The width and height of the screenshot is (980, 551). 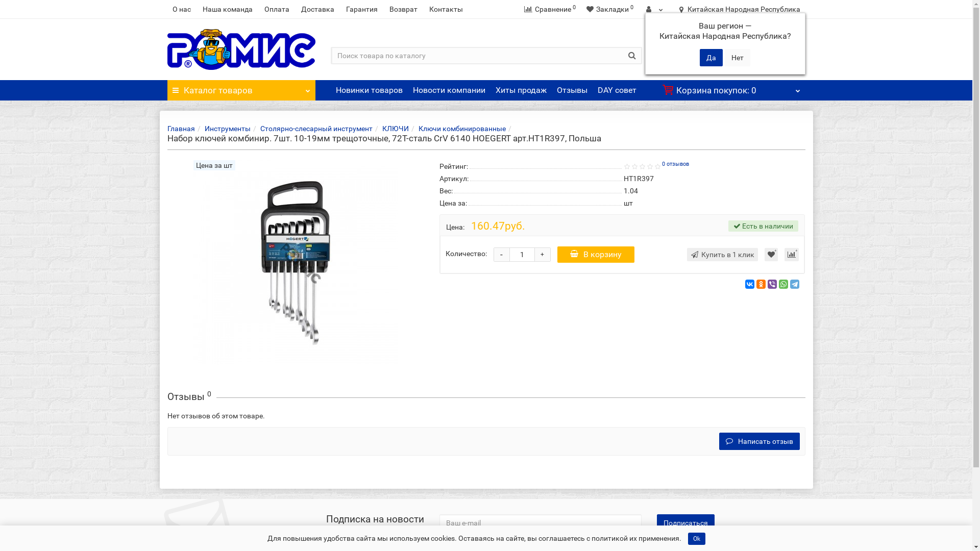 I want to click on 'WhatsApp', so click(x=783, y=284).